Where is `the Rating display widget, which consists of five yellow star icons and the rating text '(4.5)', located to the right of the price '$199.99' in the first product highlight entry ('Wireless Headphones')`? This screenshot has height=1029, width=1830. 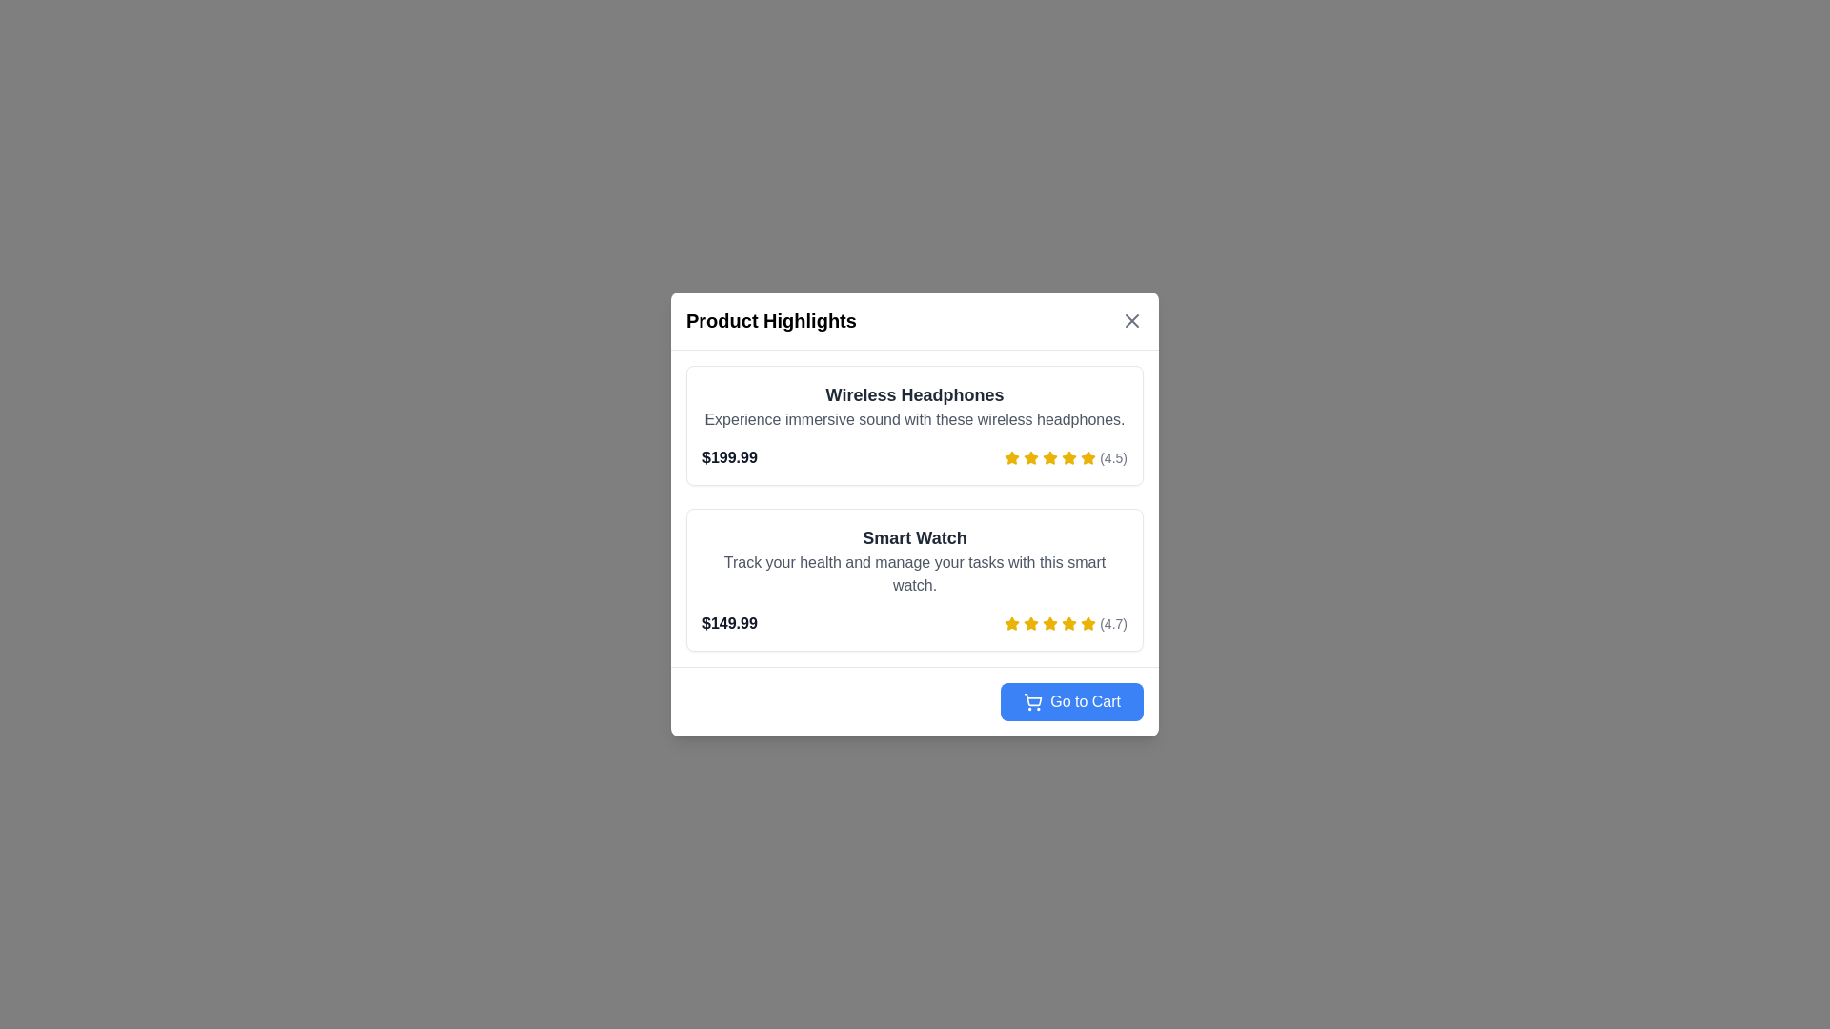
the Rating display widget, which consists of five yellow star icons and the rating text '(4.5)', located to the right of the price '$199.99' in the first product highlight entry ('Wireless Headphones') is located at coordinates (1065, 458).